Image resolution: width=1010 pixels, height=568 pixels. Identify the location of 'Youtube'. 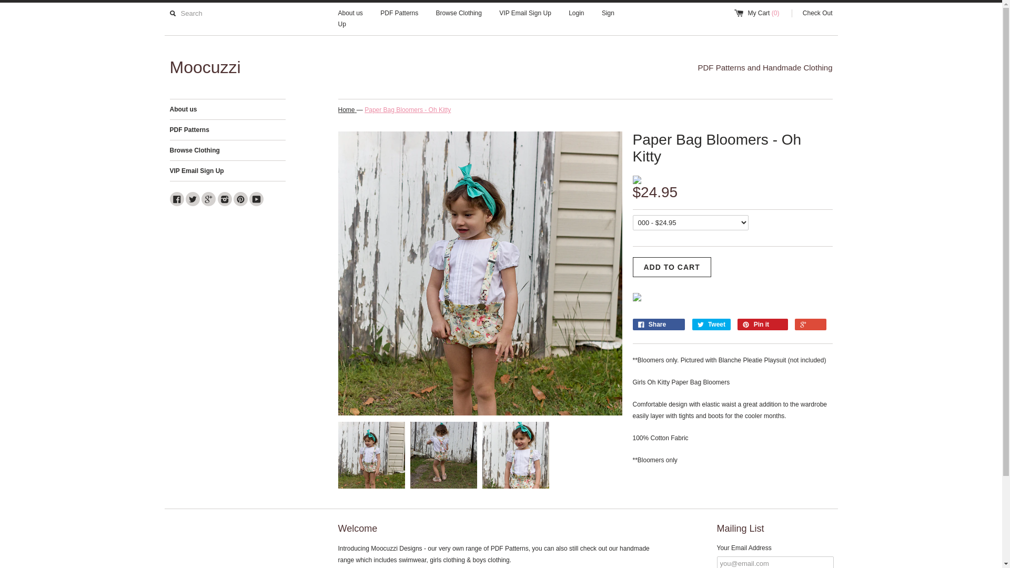
(256, 199).